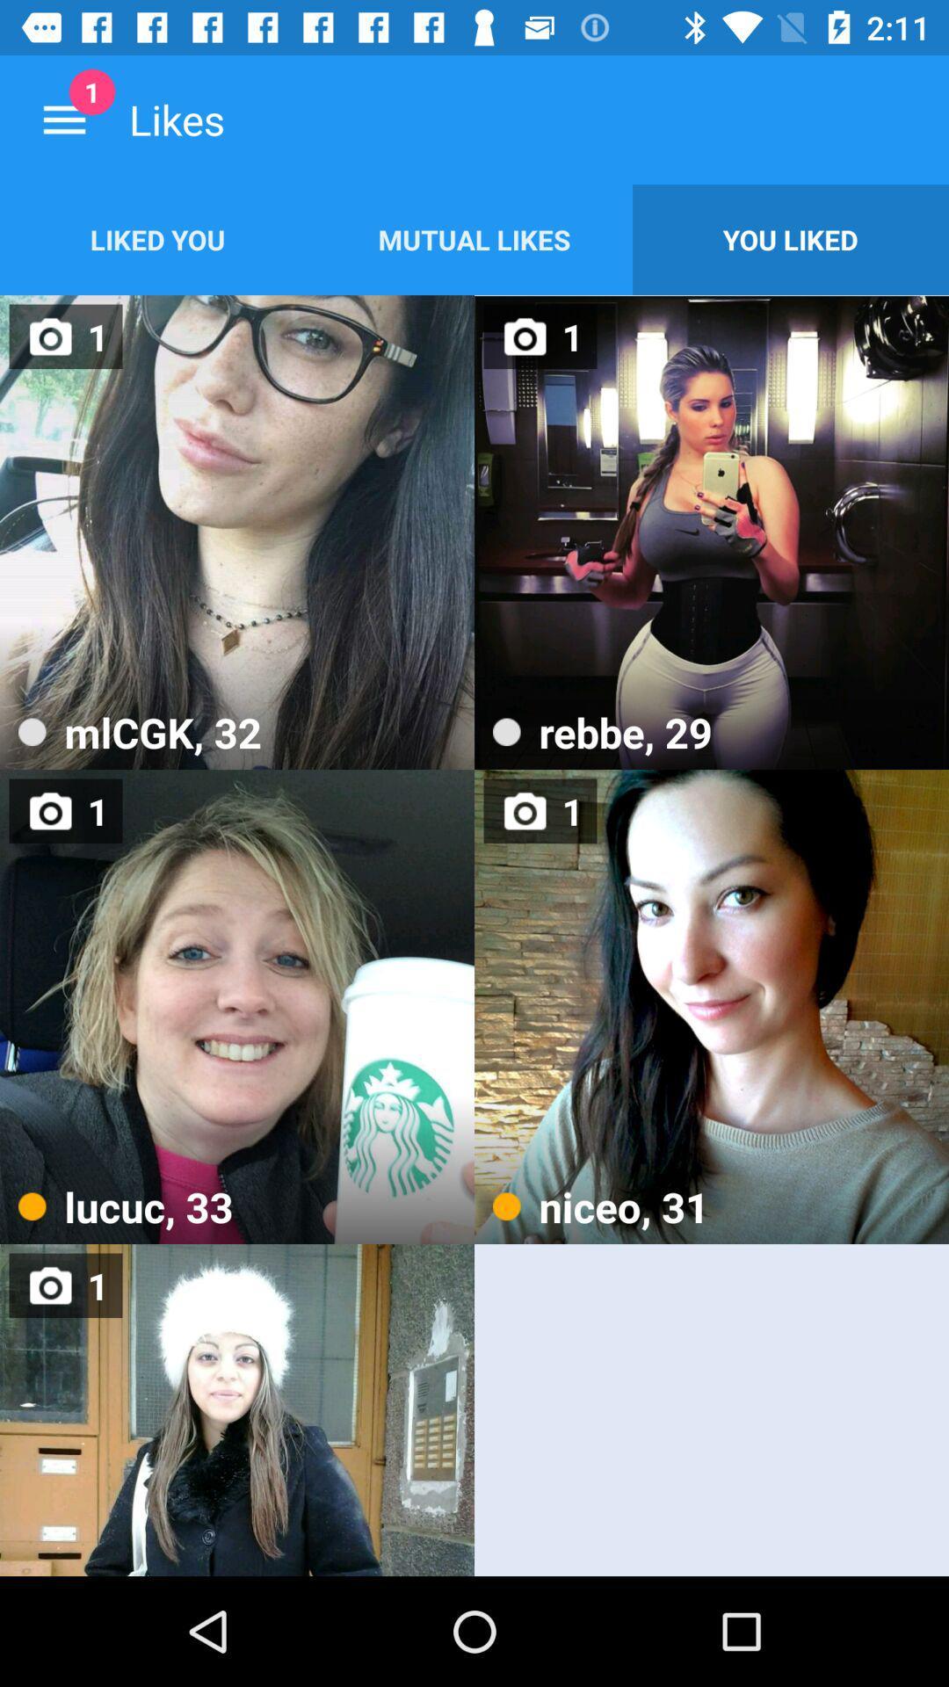  I want to click on the item to the left of likes item, so click(63, 119).